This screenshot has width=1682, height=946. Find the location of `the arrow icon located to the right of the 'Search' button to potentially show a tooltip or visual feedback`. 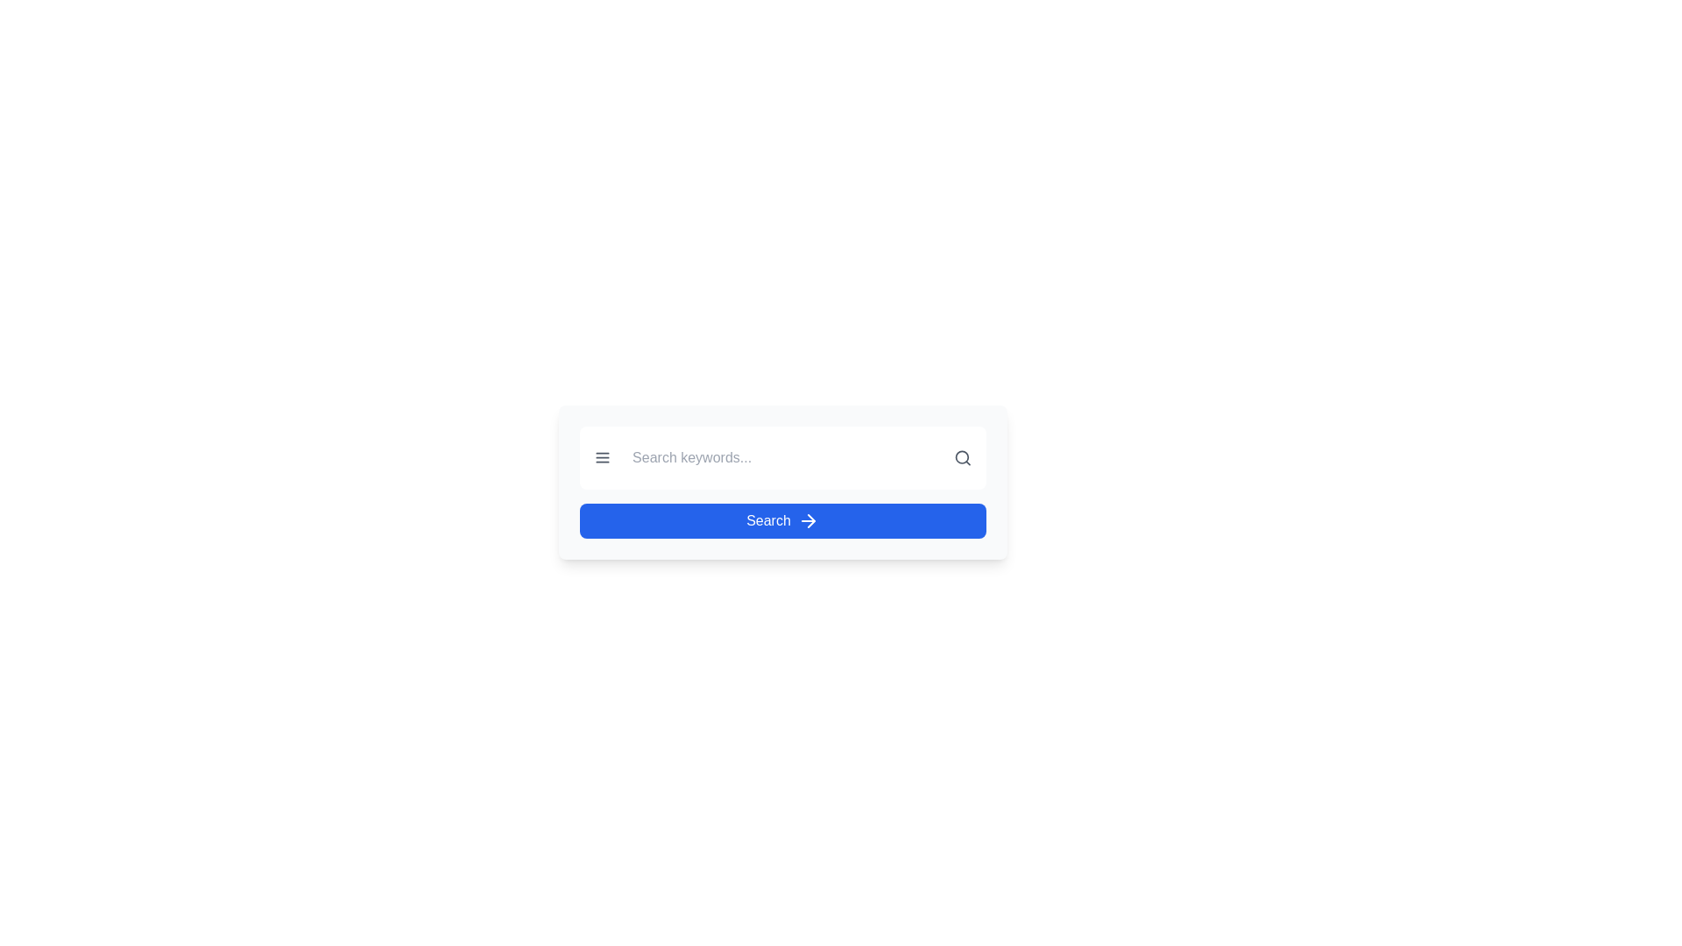

the arrow icon located to the right of the 'Search' button to potentially show a tooltip or visual feedback is located at coordinates (807, 519).